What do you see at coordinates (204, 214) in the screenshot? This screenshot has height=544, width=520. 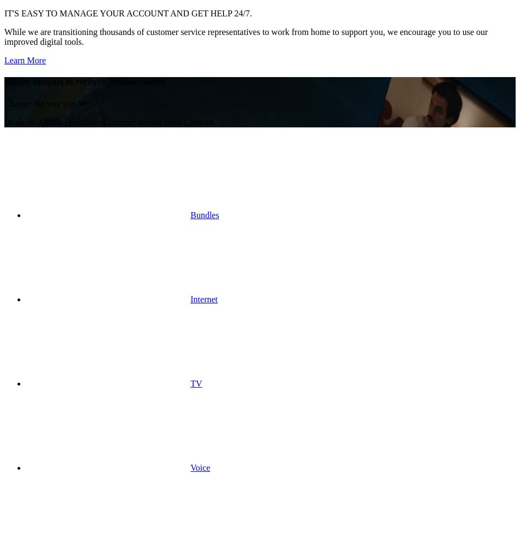 I see `'Bundles'` at bounding box center [204, 214].